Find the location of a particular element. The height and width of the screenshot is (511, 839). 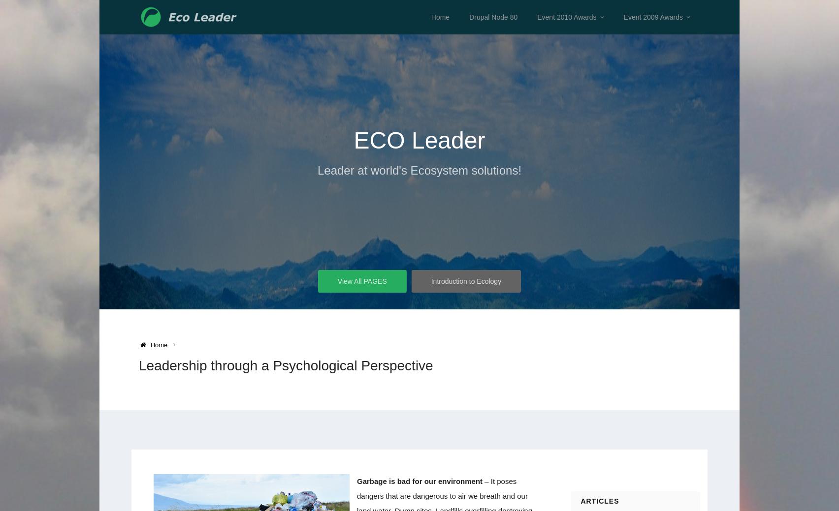

'View All PAGES' is located at coordinates (361, 281).